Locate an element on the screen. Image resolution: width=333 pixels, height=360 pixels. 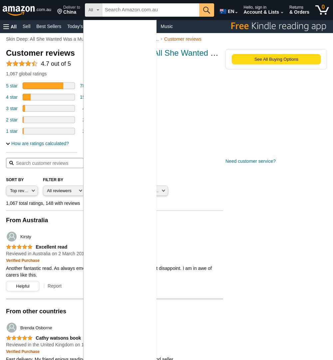
'Toys & Games' is located at coordinates (137, 39).